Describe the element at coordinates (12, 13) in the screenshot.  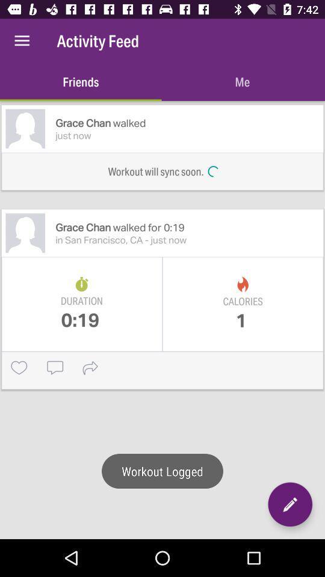
I see `the label icon` at that location.